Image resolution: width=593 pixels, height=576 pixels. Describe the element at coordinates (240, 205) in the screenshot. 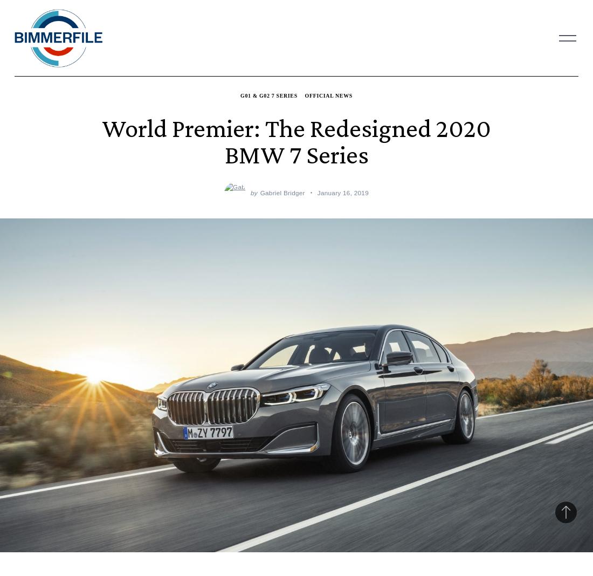

I see `'M Performance'` at that location.